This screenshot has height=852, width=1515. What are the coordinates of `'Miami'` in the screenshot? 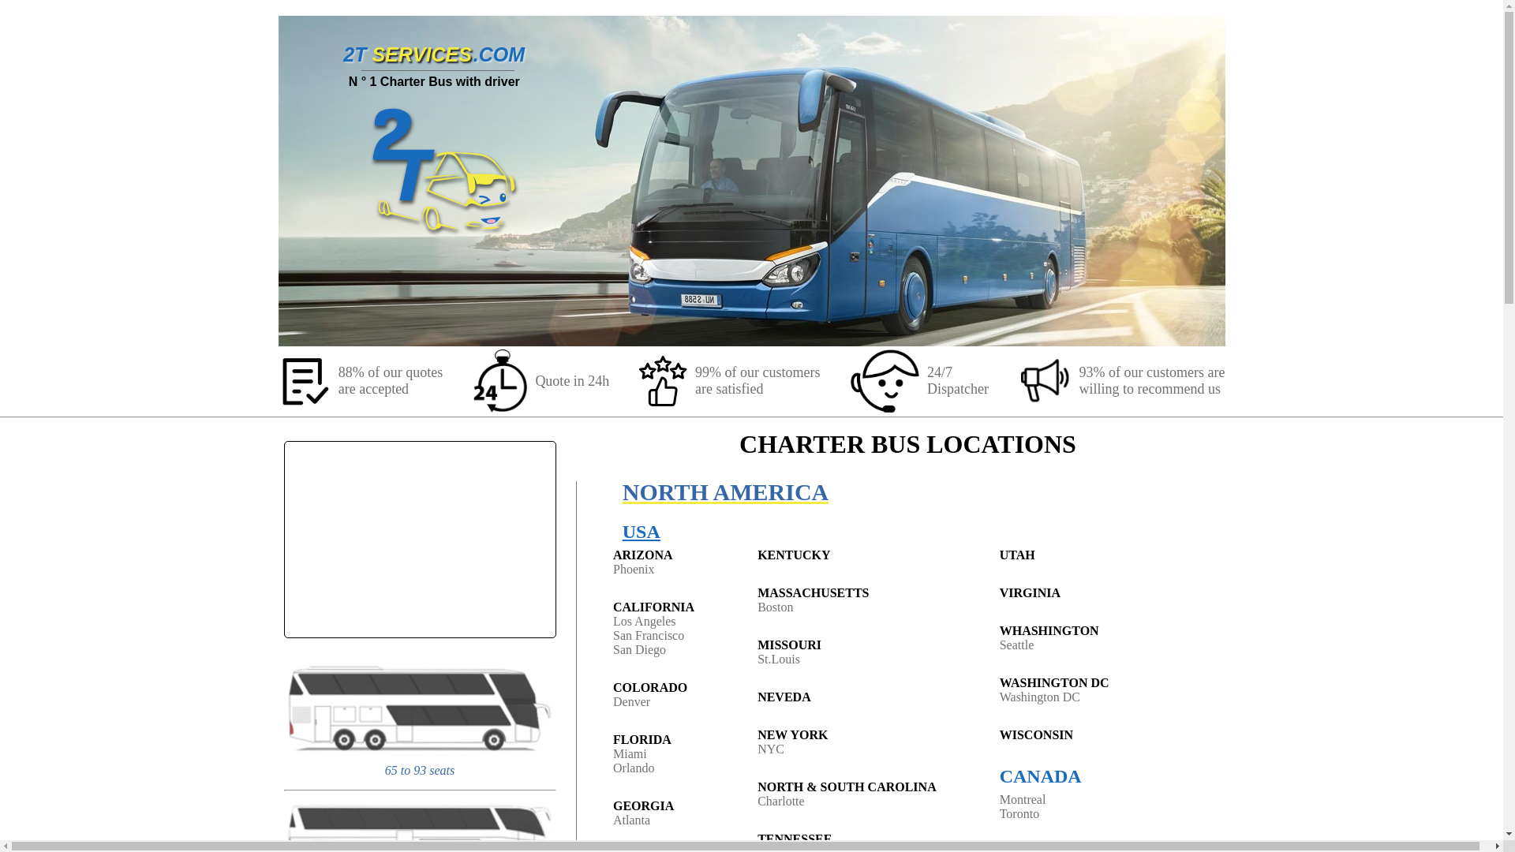 It's located at (629, 753).